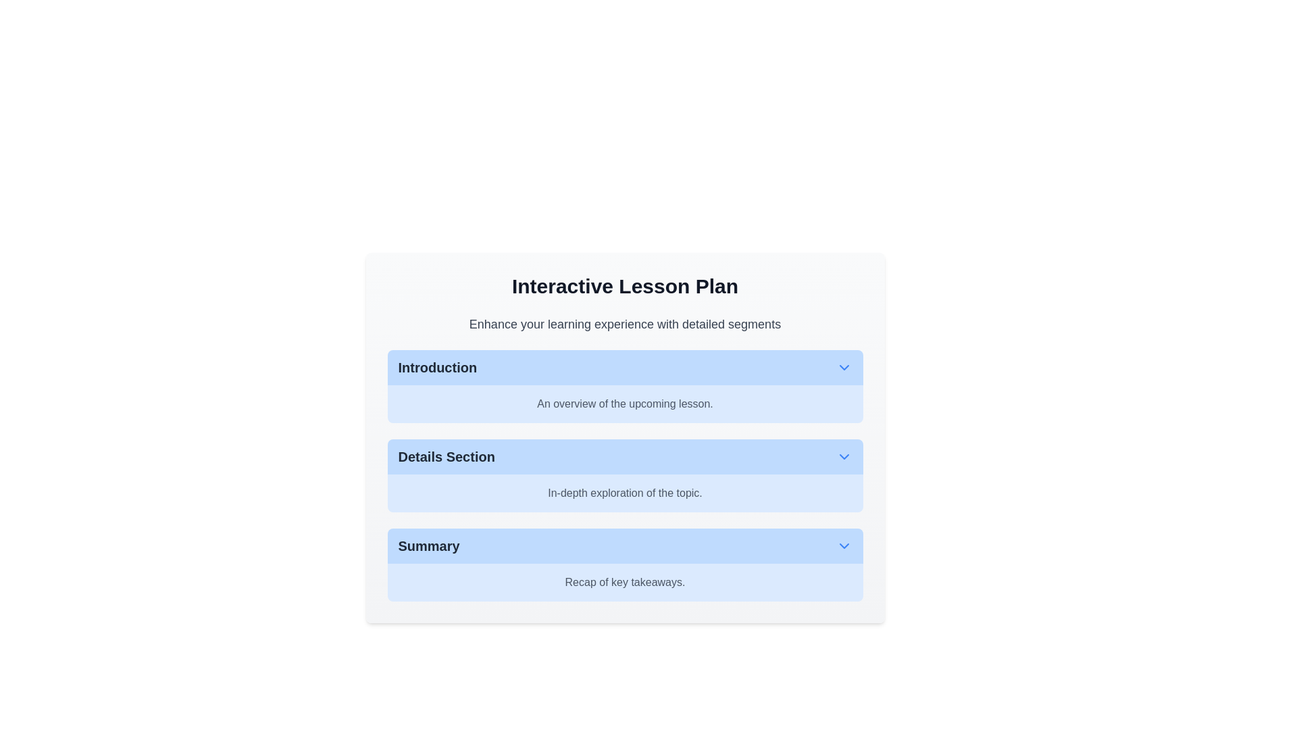  Describe the element at coordinates (624, 581) in the screenshot. I see `the text box that contains the text 'Recap of key takeaways.' with a light blue background, located in the 'Summary' section beneath the section header` at that location.